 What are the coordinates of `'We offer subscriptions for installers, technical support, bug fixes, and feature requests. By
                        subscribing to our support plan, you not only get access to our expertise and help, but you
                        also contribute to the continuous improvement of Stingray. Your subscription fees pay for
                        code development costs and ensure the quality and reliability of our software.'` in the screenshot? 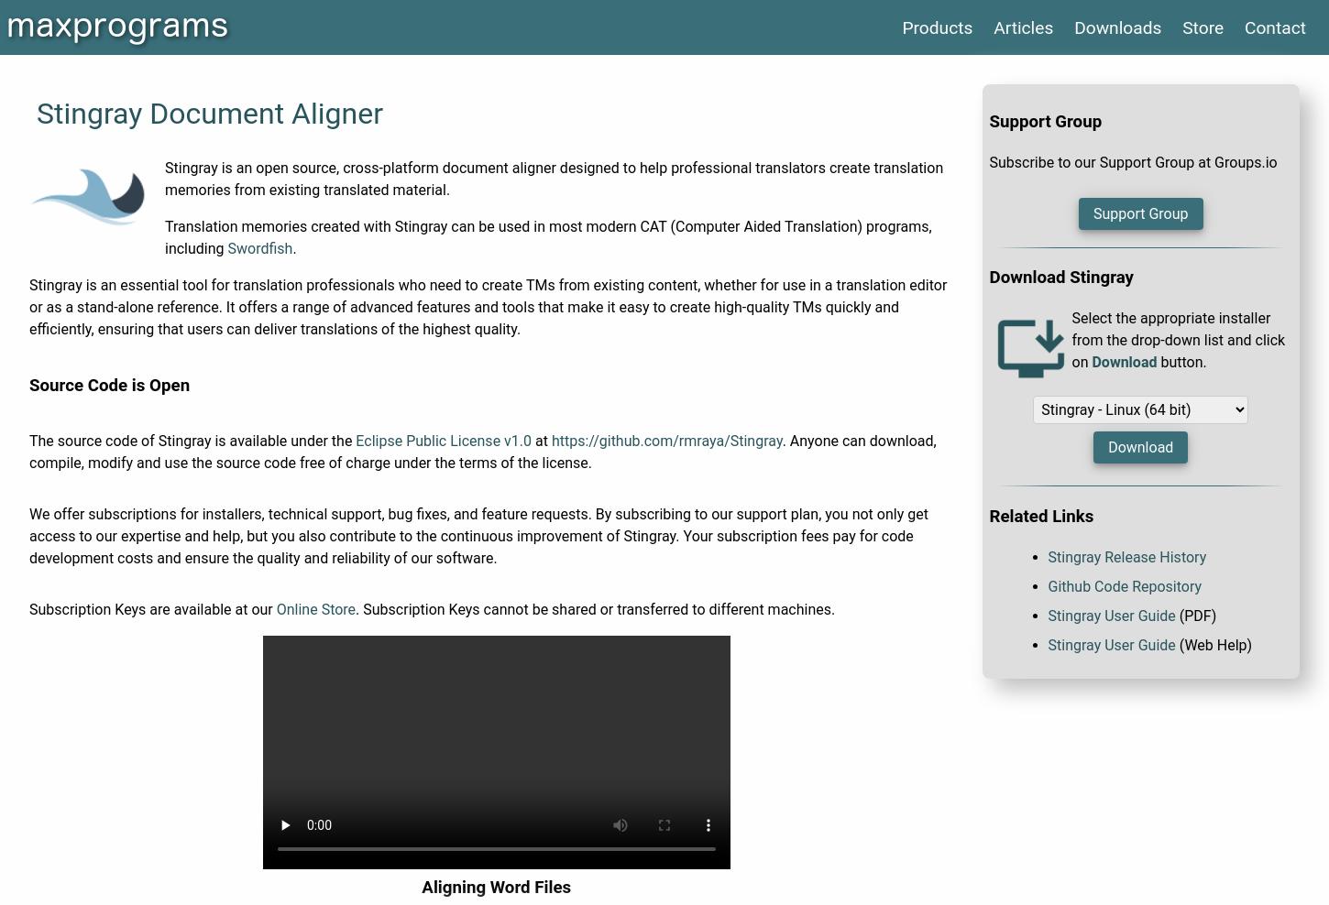 It's located at (478, 535).